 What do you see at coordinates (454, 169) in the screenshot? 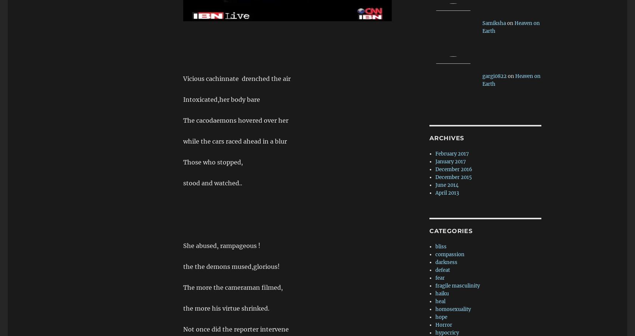
I see `'December 2016'` at bounding box center [454, 169].